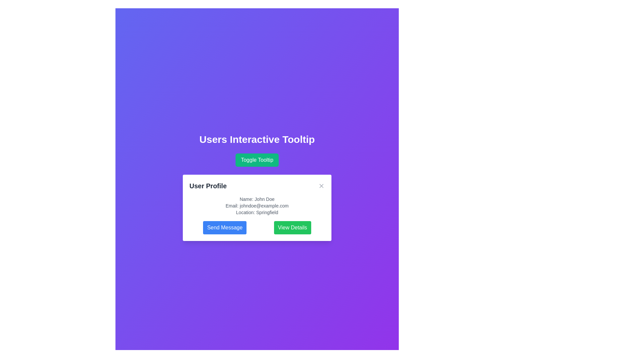  What do you see at coordinates (292, 227) in the screenshot?
I see `the green 'View Details' button with rounded corners located in the user profile section of a popup card to observe the visual effect` at bounding box center [292, 227].